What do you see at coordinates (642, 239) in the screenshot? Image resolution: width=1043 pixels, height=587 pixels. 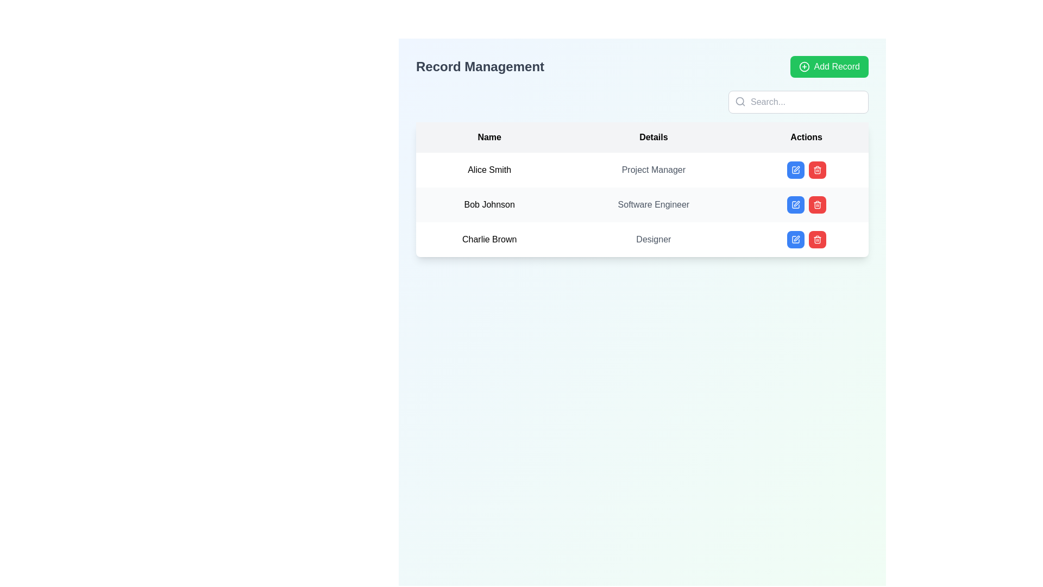 I see `and interpret the text content of the third row in the table displaying 'Charlie Brown' as the name and 'Designer' as the role` at bounding box center [642, 239].